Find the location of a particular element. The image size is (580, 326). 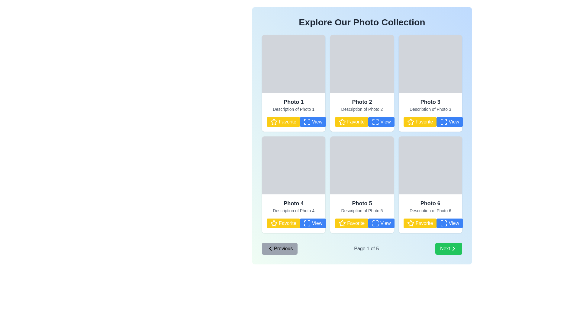

the maximizing SVG icon located inside the 'View' button in the second column of the first row of a 3x2 grid layout is located at coordinates (307, 122).